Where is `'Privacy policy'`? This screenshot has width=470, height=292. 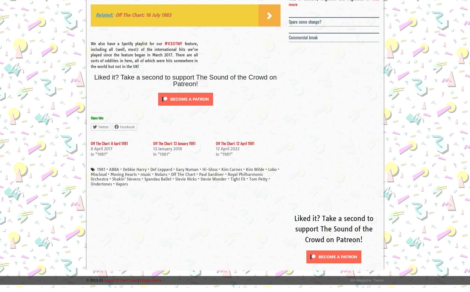
'Privacy policy' is located at coordinates (150, 280).